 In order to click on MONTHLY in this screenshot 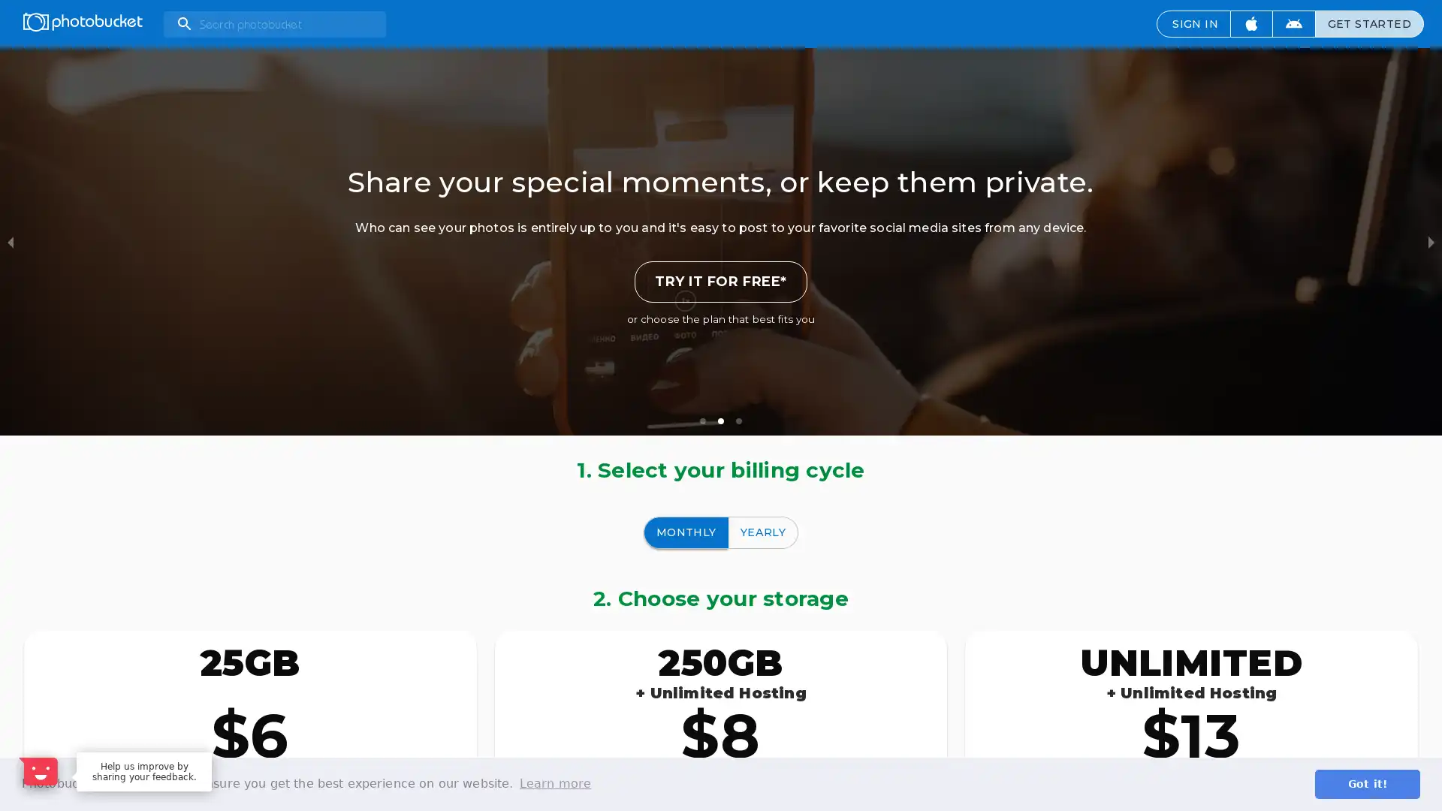, I will do `click(684, 532)`.